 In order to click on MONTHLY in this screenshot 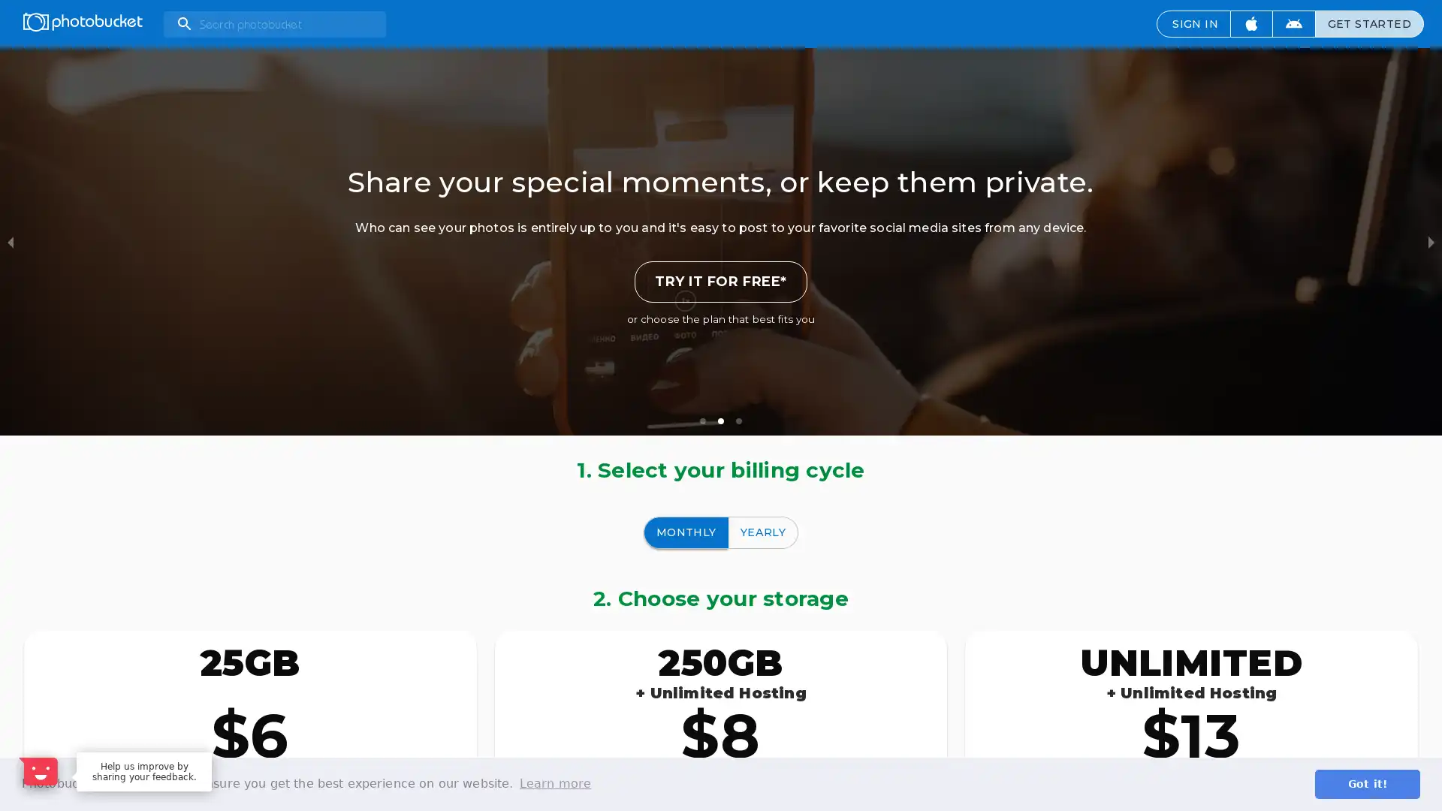, I will do `click(684, 532)`.